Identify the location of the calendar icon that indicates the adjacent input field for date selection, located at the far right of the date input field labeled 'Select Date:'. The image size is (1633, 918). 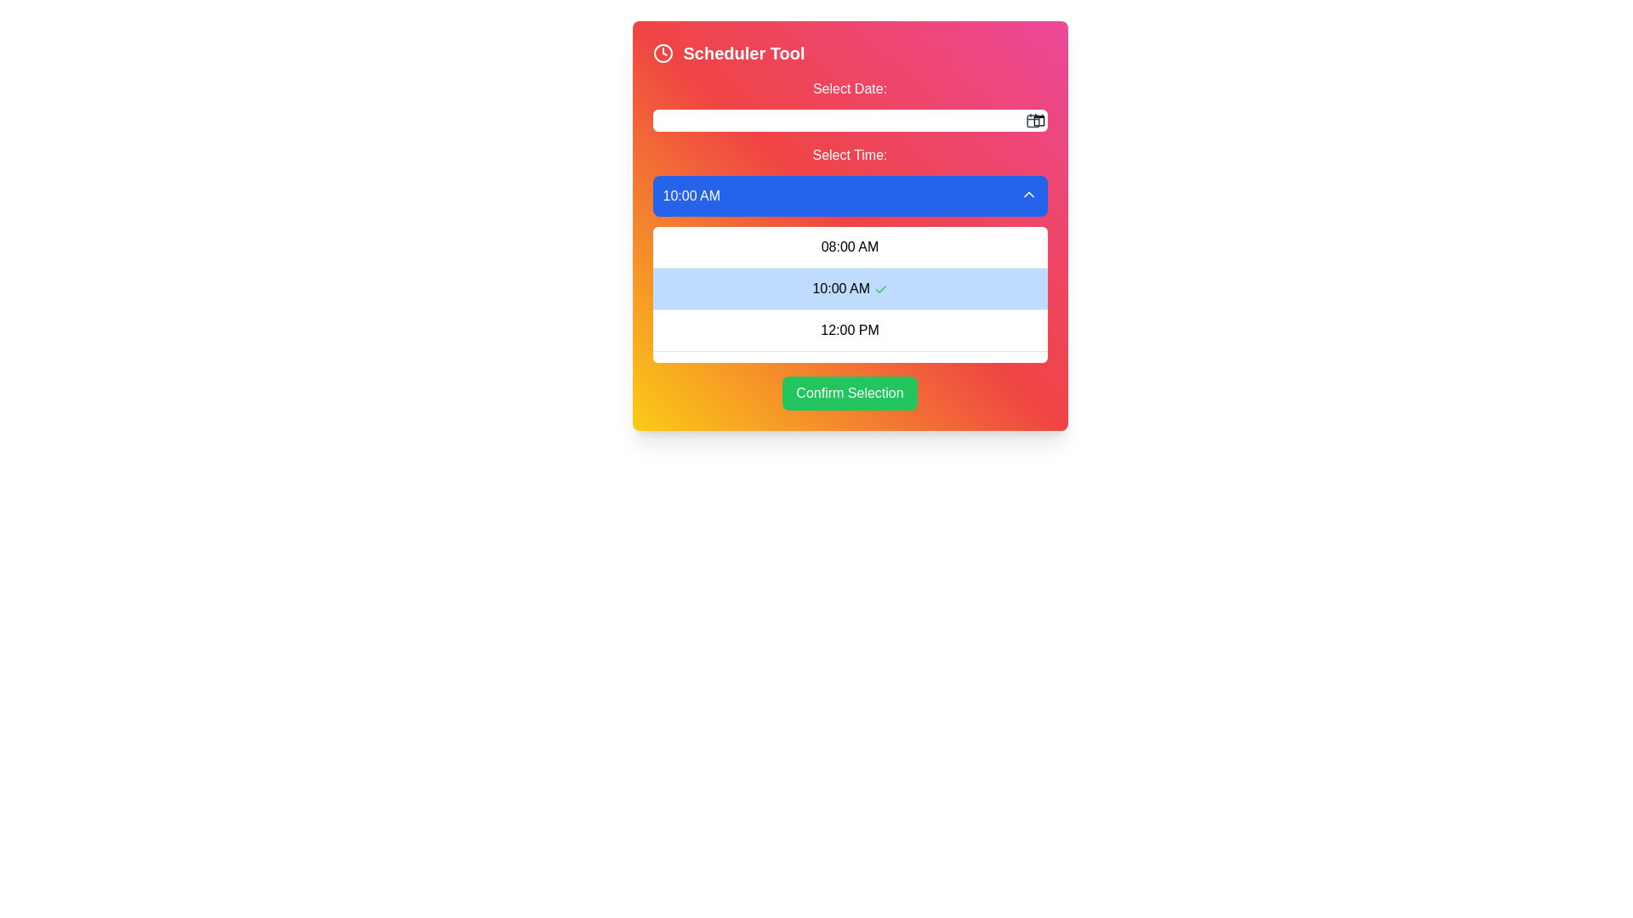
(1032, 120).